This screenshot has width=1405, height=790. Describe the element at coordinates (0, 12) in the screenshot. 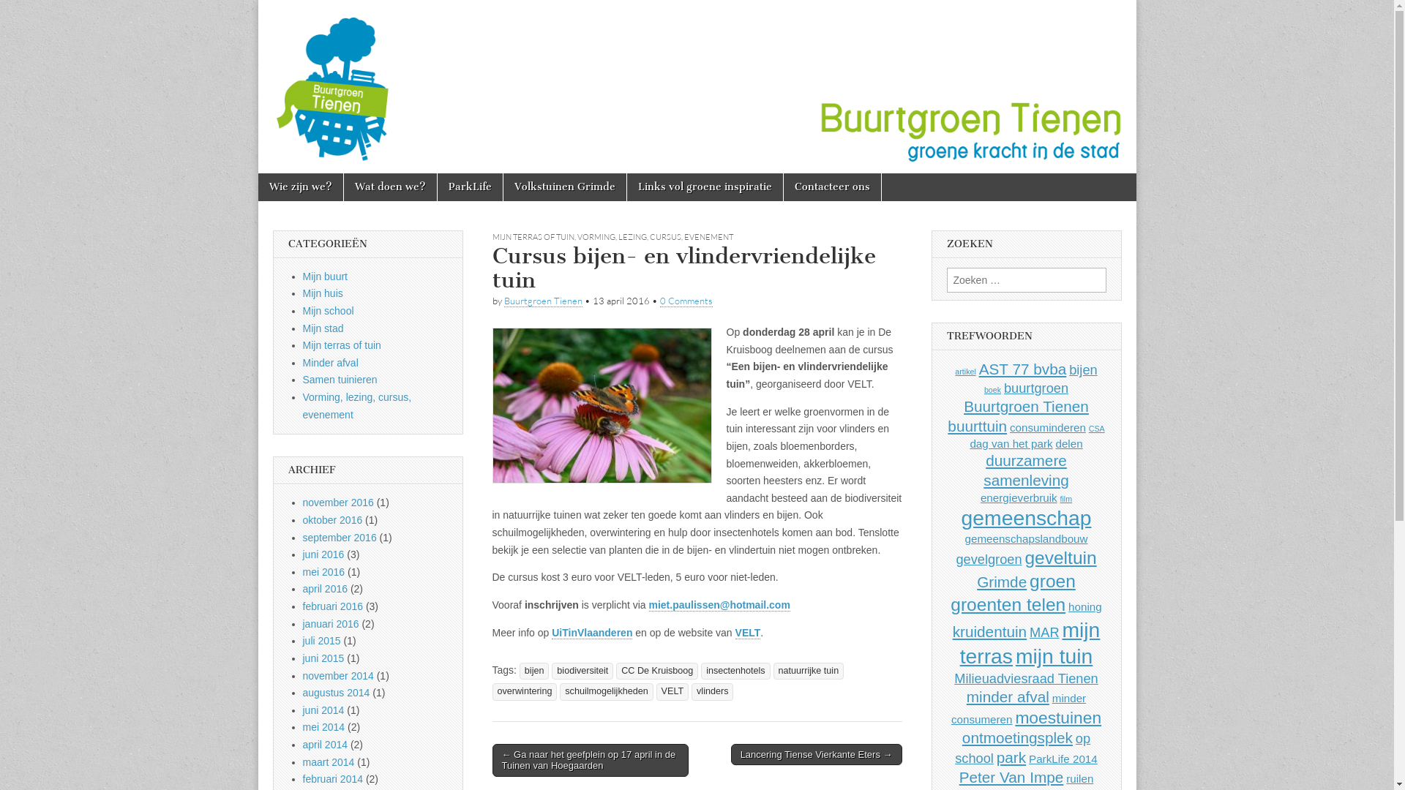

I see `'Zoeken'` at that location.